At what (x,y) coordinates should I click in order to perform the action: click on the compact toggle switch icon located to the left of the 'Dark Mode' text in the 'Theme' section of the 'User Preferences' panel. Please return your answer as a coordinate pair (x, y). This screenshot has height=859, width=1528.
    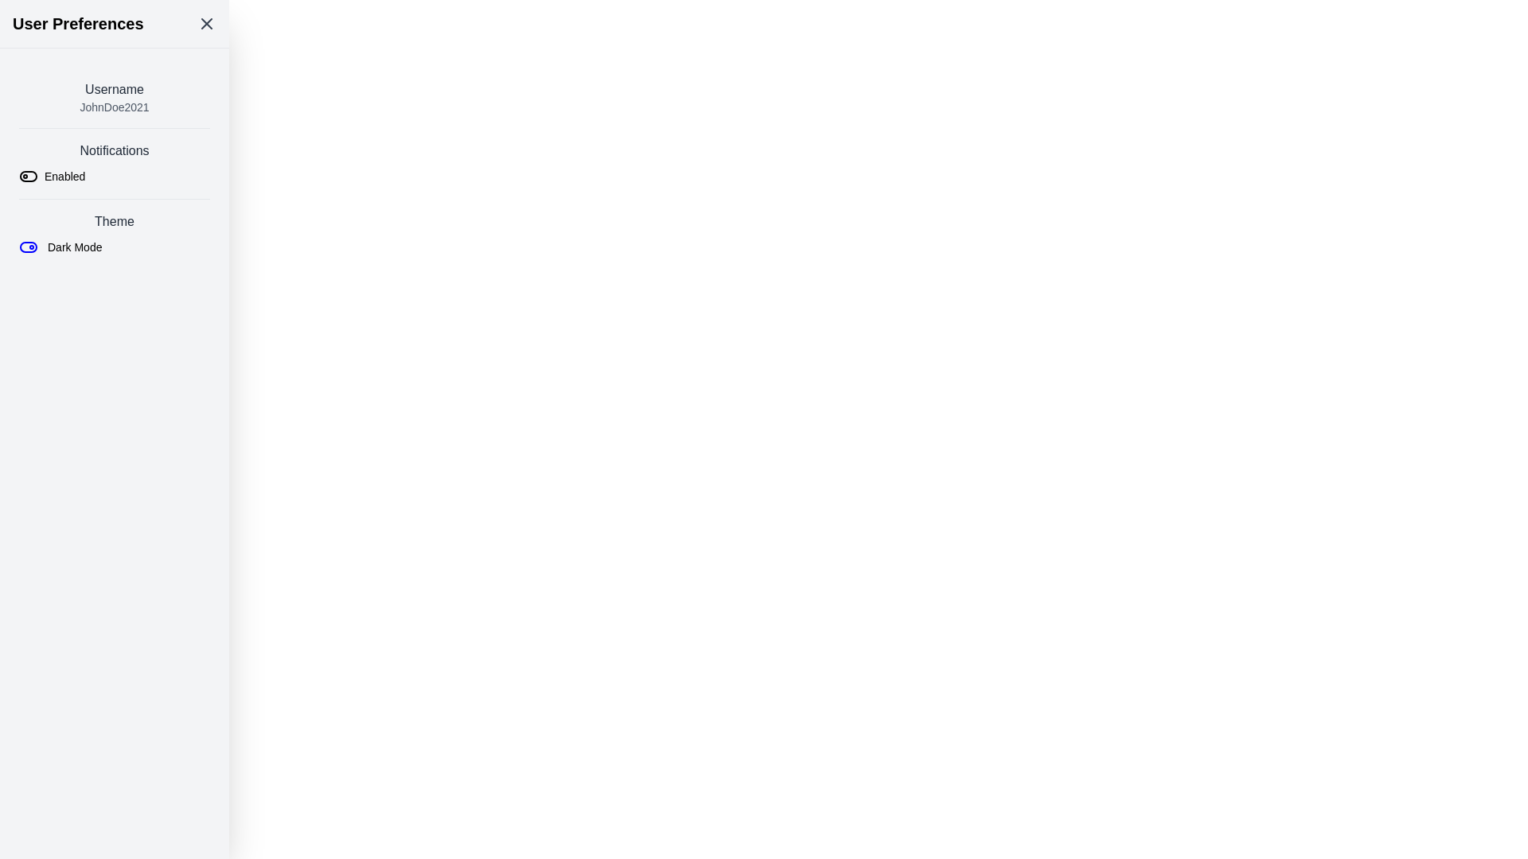
    Looking at the image, I should click on (28, 247).